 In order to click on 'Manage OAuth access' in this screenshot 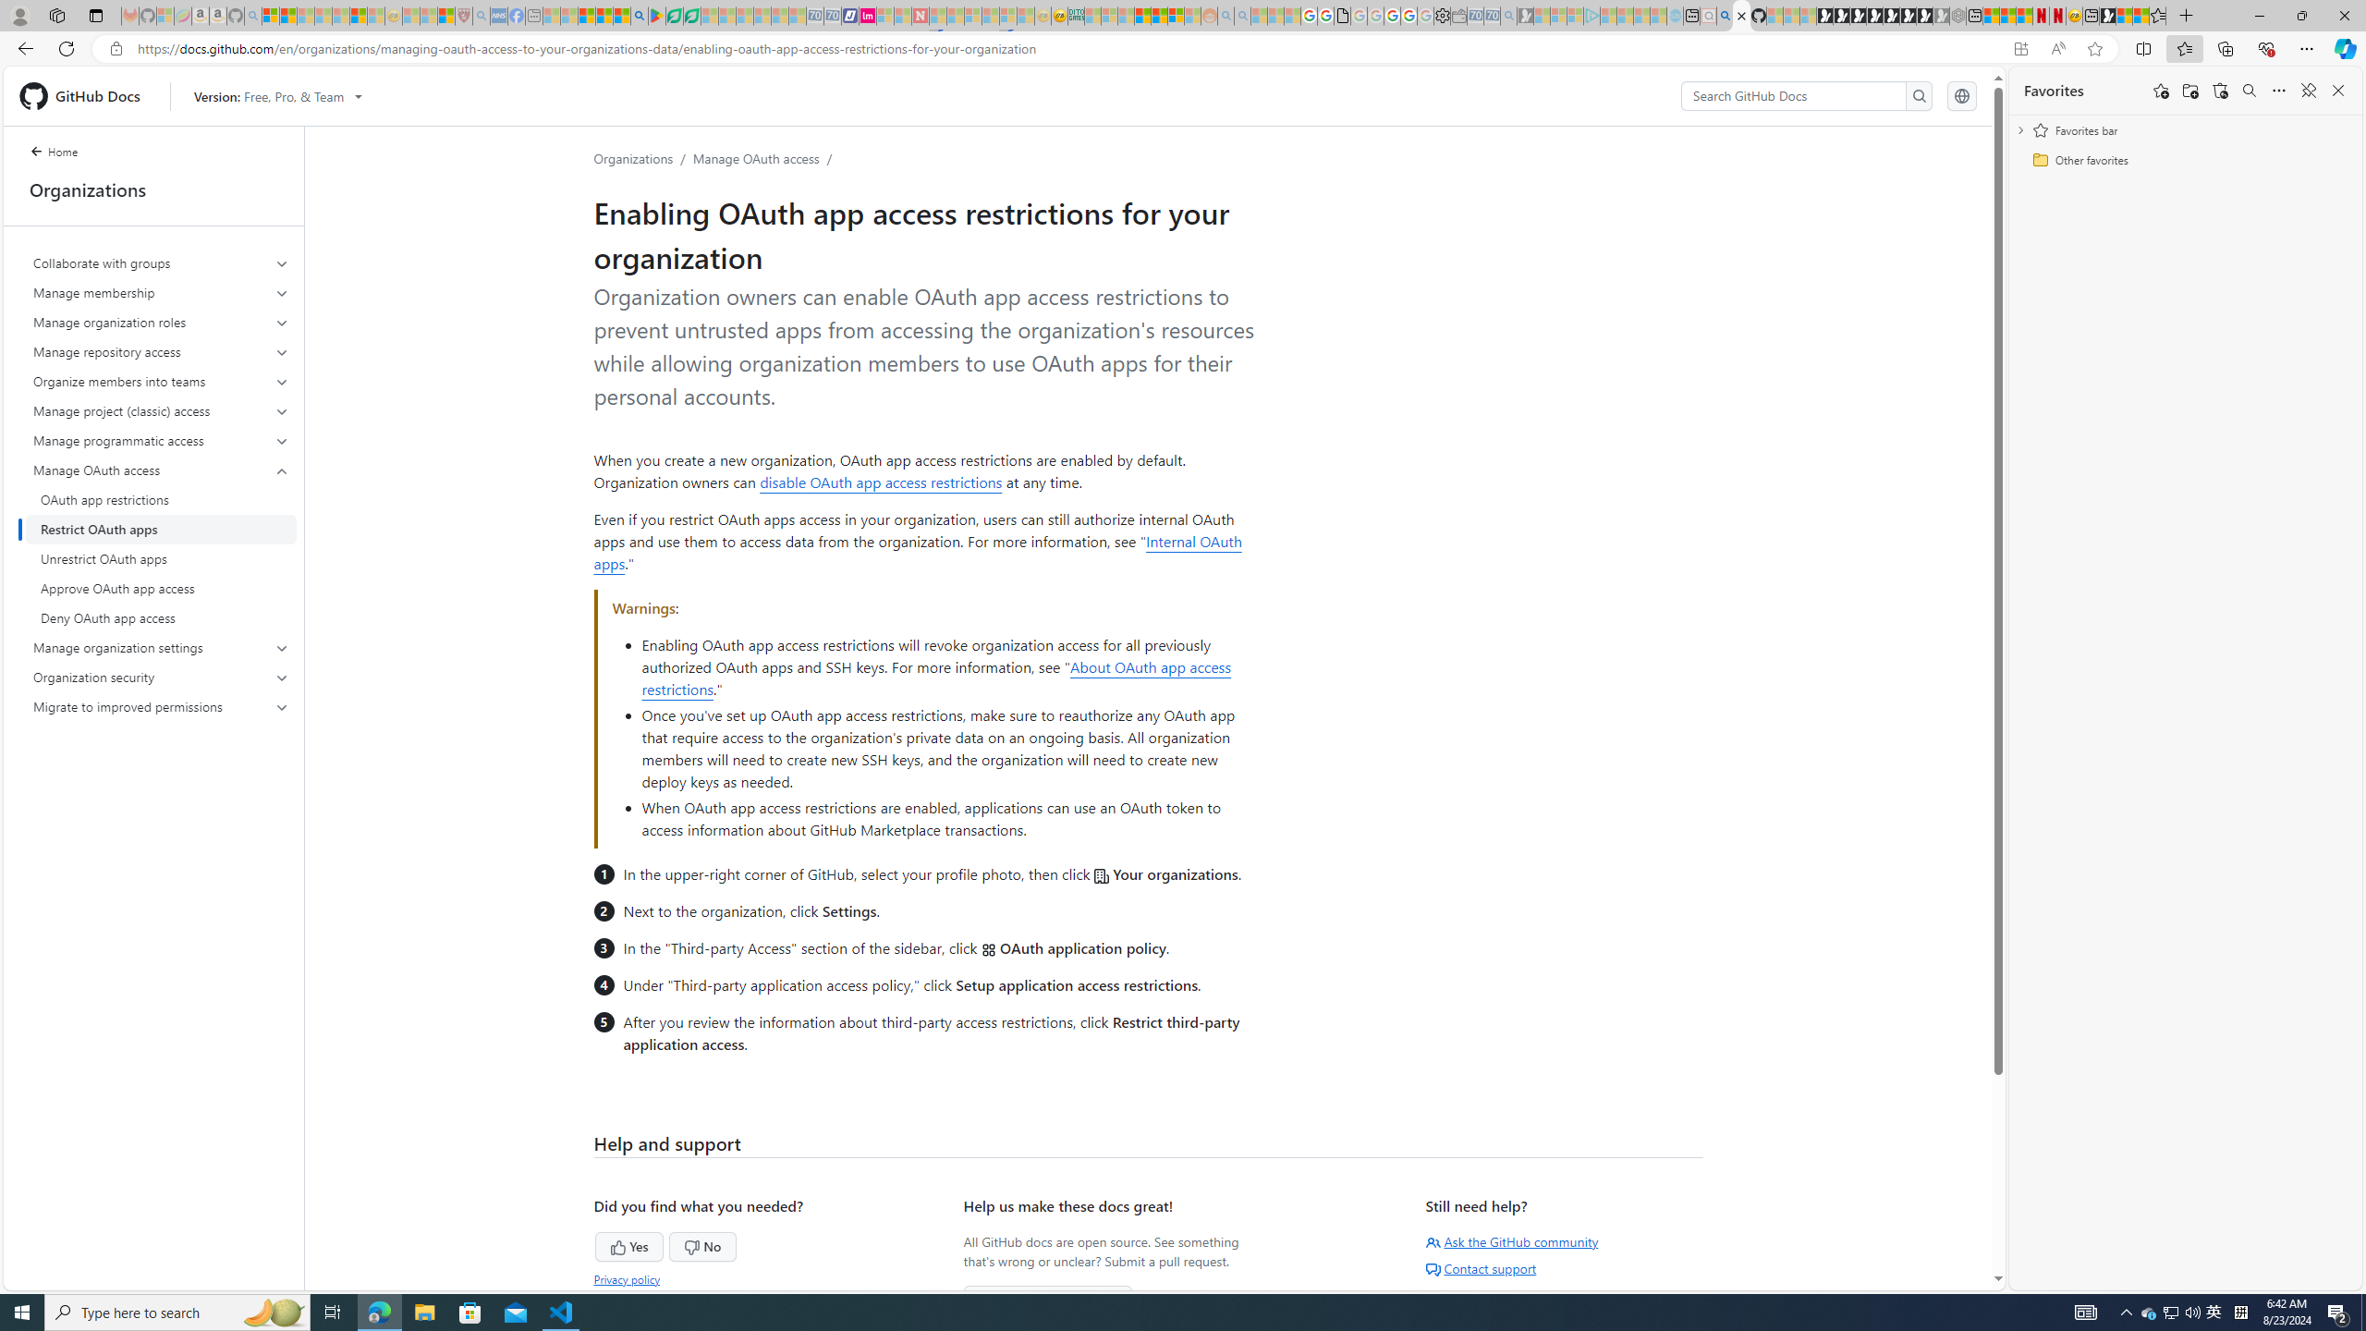, I will do `click(754, 158)`.